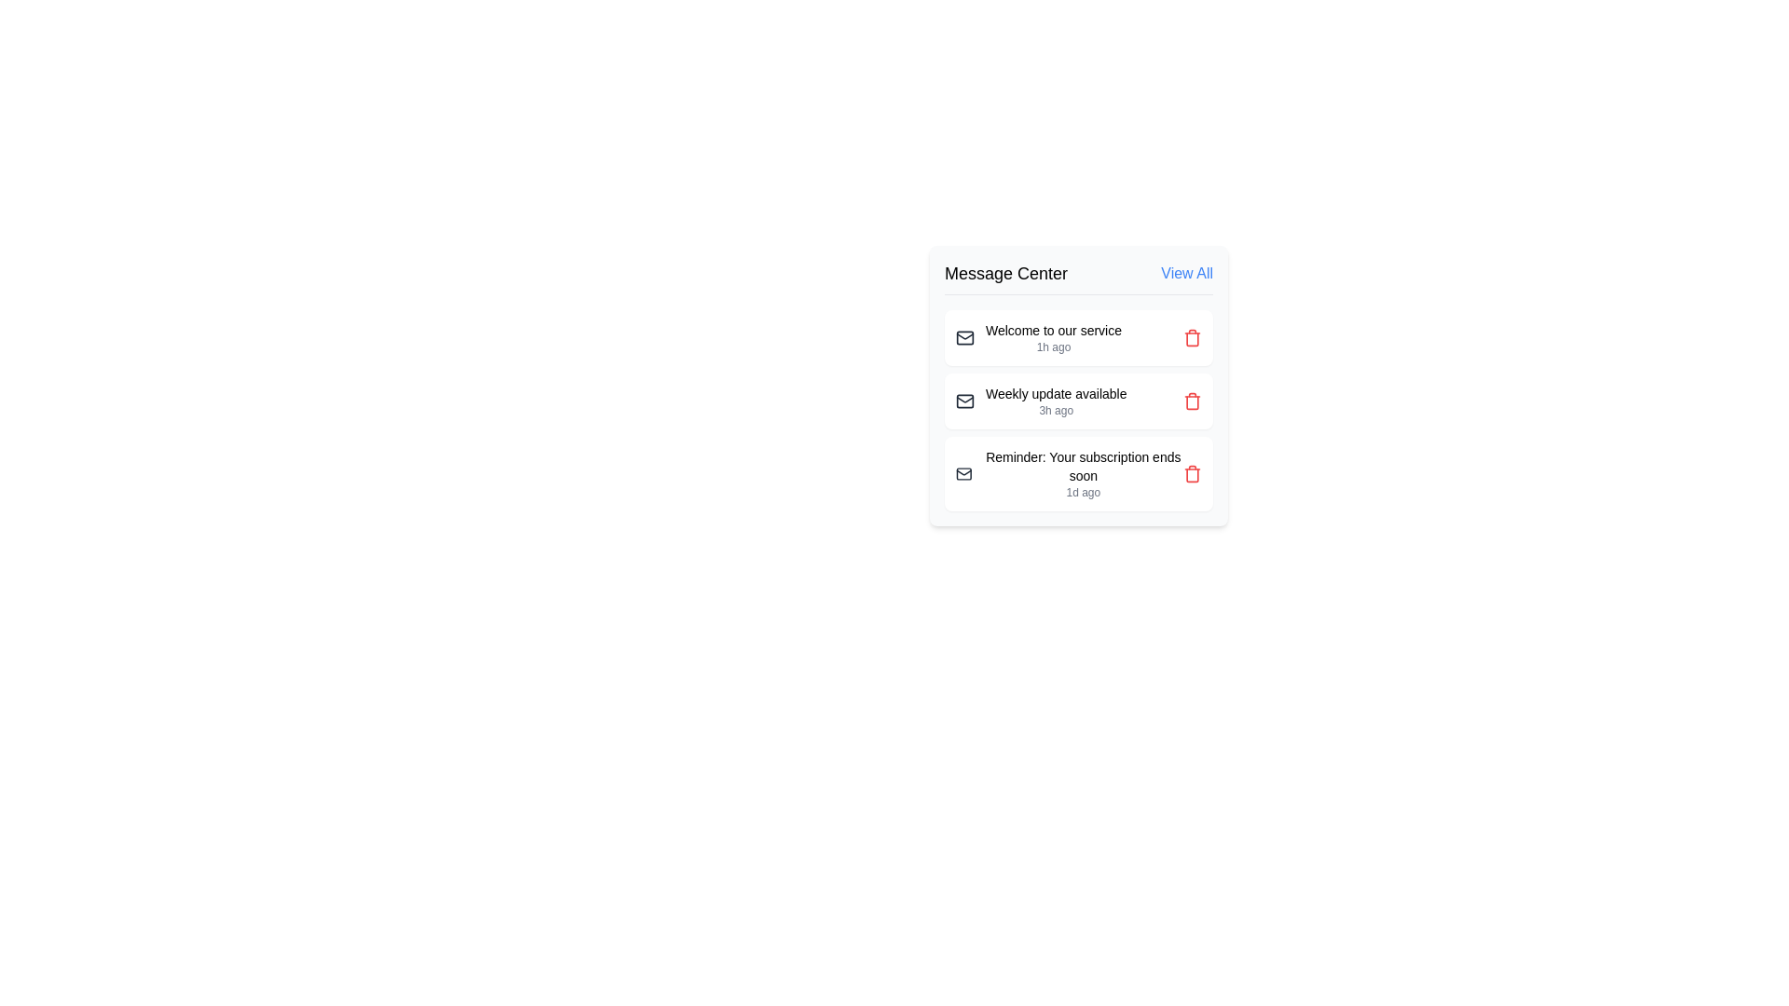 The image size is (1789, 1006). I want to click on the main body of the trash can icon, which is part of a red trash icon located next to the text 'Weekly update available' in the second entry of the notification list, so click(1193, 401).